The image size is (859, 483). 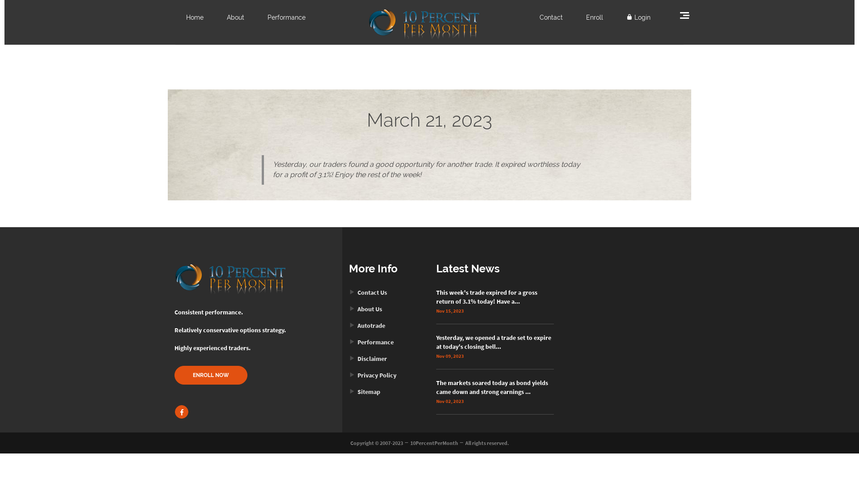 I want to click on 'Contact Us', so click(x=368, y=292).